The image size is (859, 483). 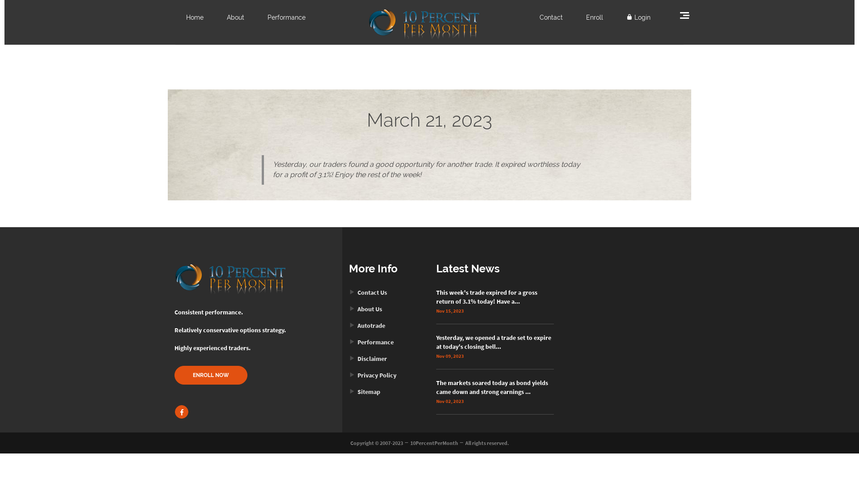 I want to click on 'Contact Us', so click(x=368, y=292).